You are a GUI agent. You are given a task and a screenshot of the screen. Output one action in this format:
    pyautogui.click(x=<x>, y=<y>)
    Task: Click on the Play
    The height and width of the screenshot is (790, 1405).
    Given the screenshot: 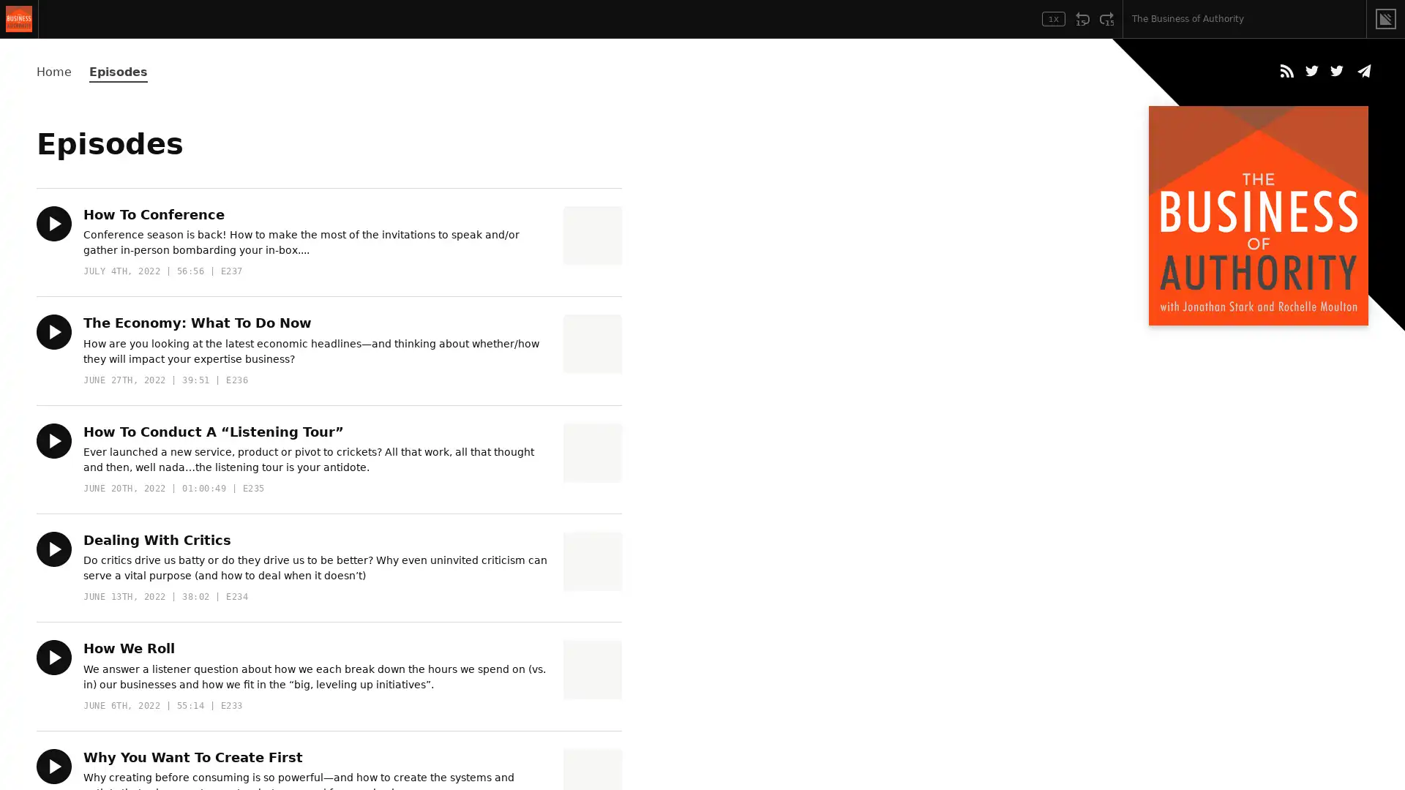 What is the action you would take?
    pyautogui.click(x=56, y=19)
    